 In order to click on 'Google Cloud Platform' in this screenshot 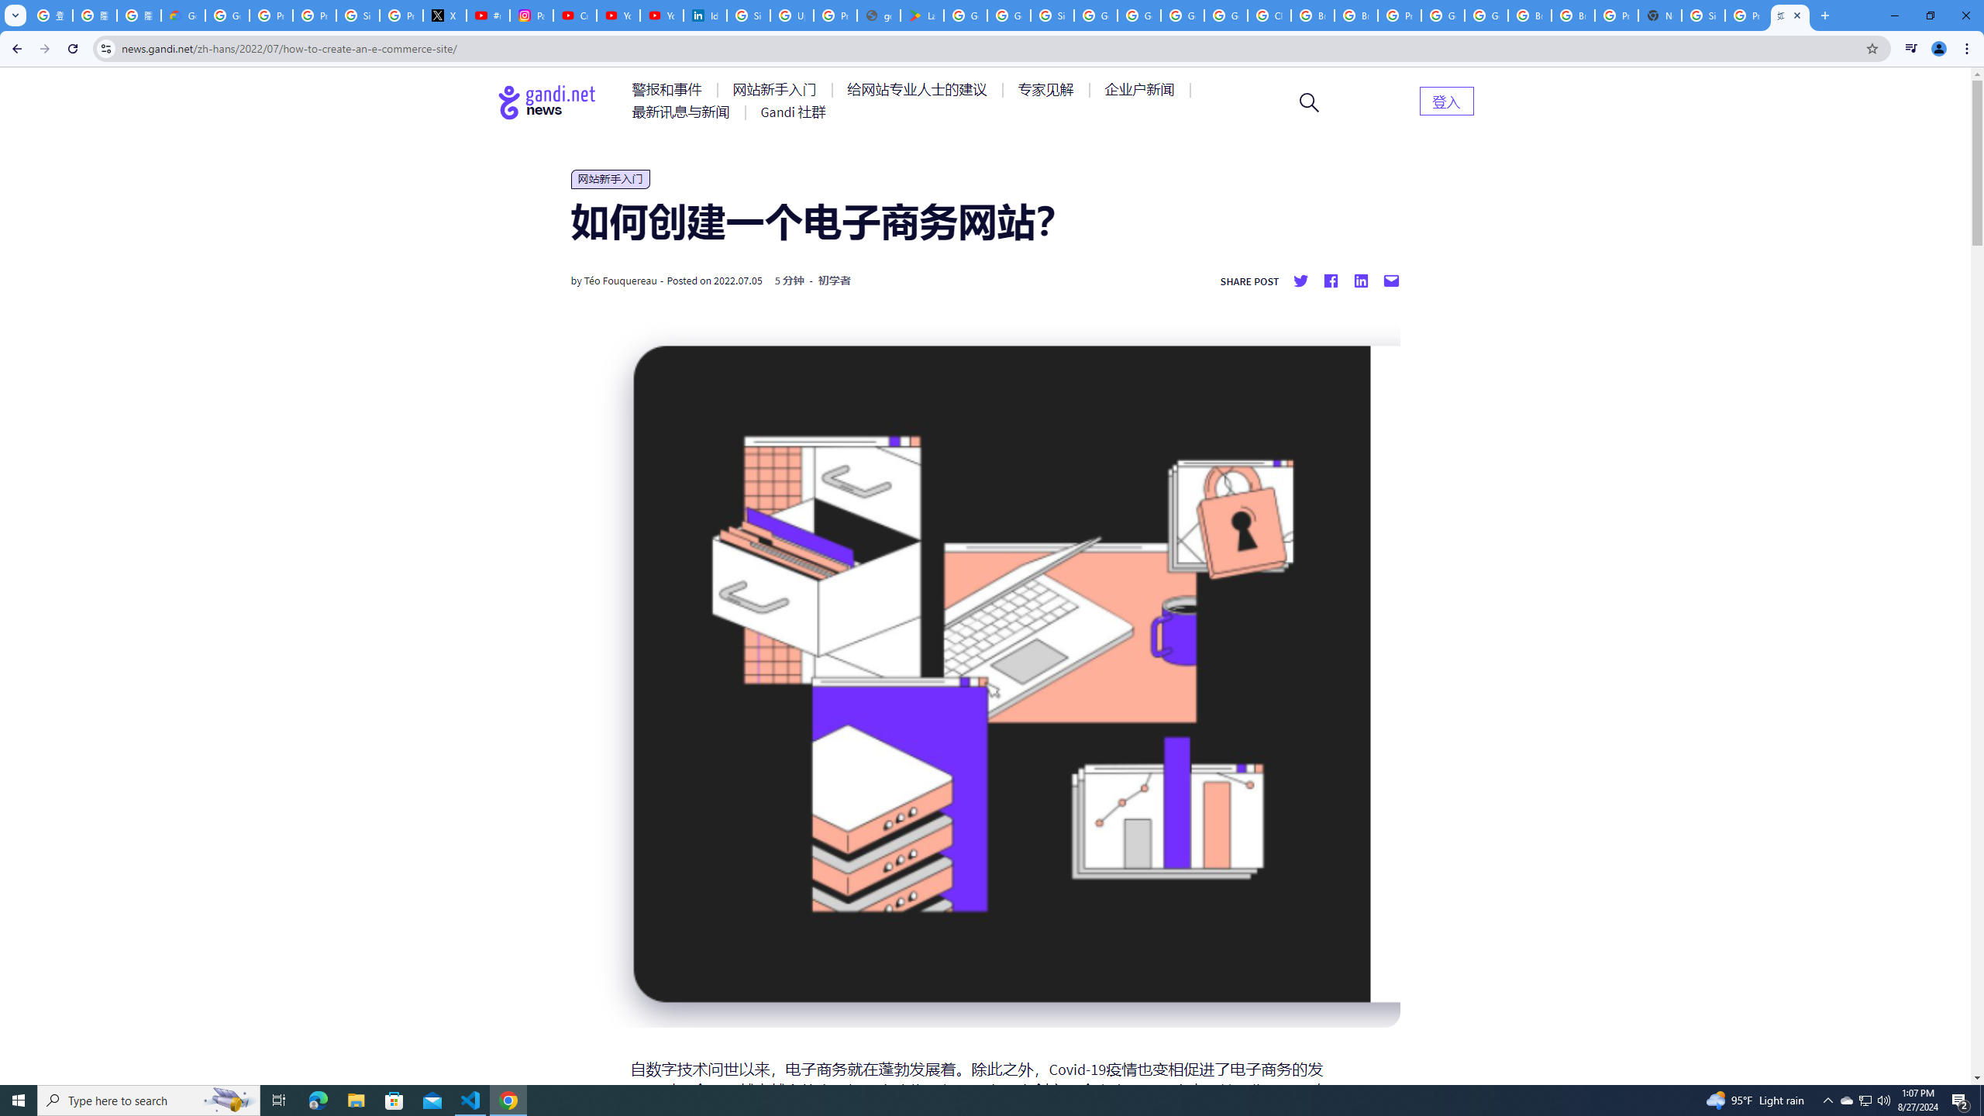, I will do `click(1486, 15)`.